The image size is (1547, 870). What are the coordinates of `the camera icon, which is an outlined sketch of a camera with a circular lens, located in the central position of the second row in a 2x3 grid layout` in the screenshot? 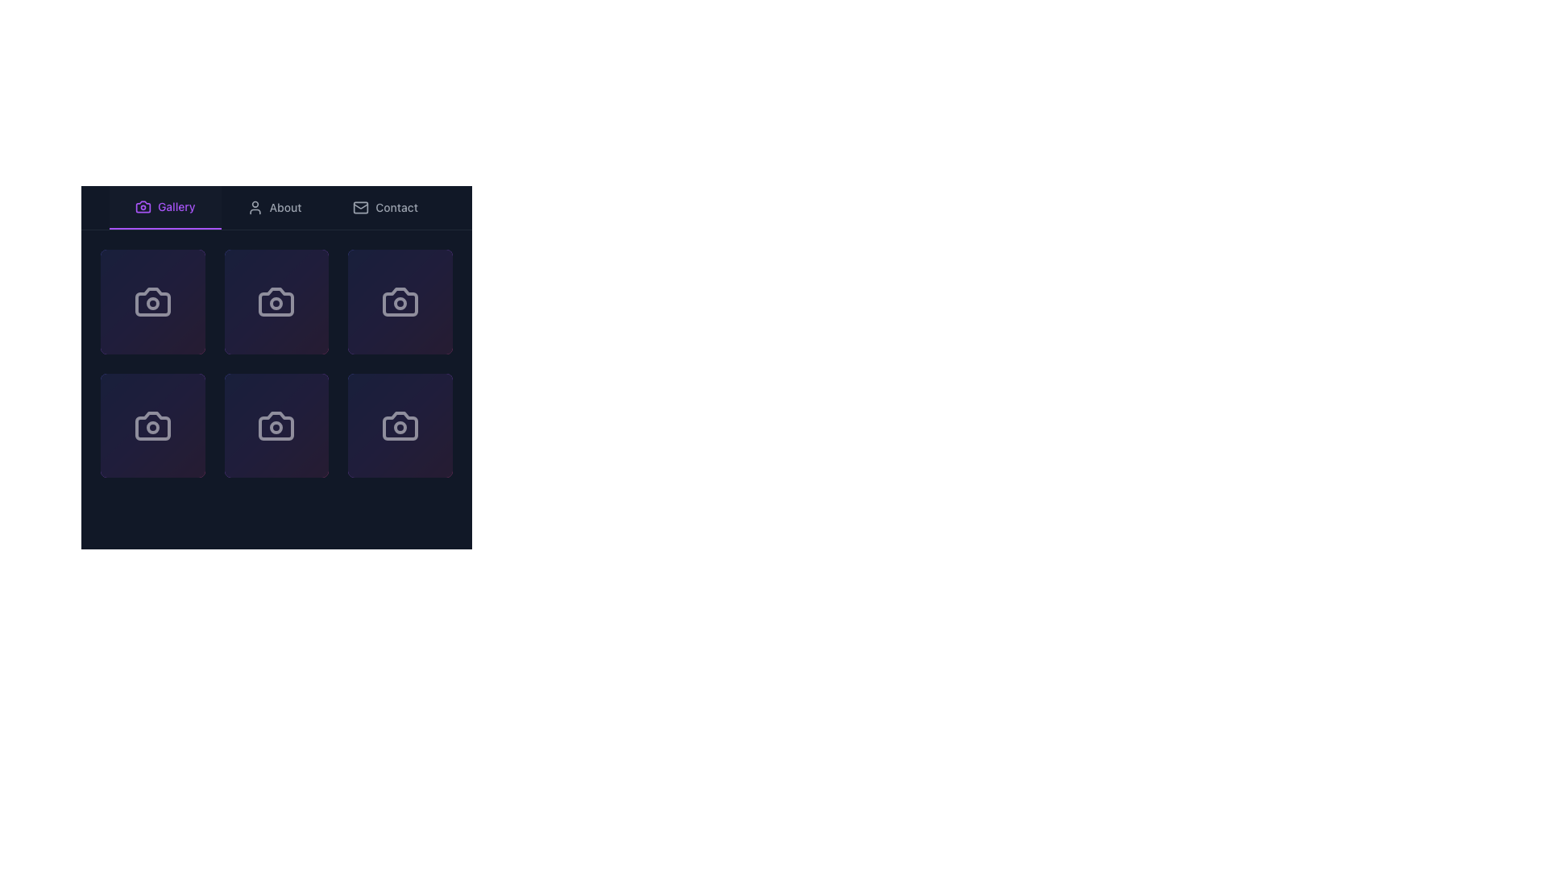 It's located at (276, 425).